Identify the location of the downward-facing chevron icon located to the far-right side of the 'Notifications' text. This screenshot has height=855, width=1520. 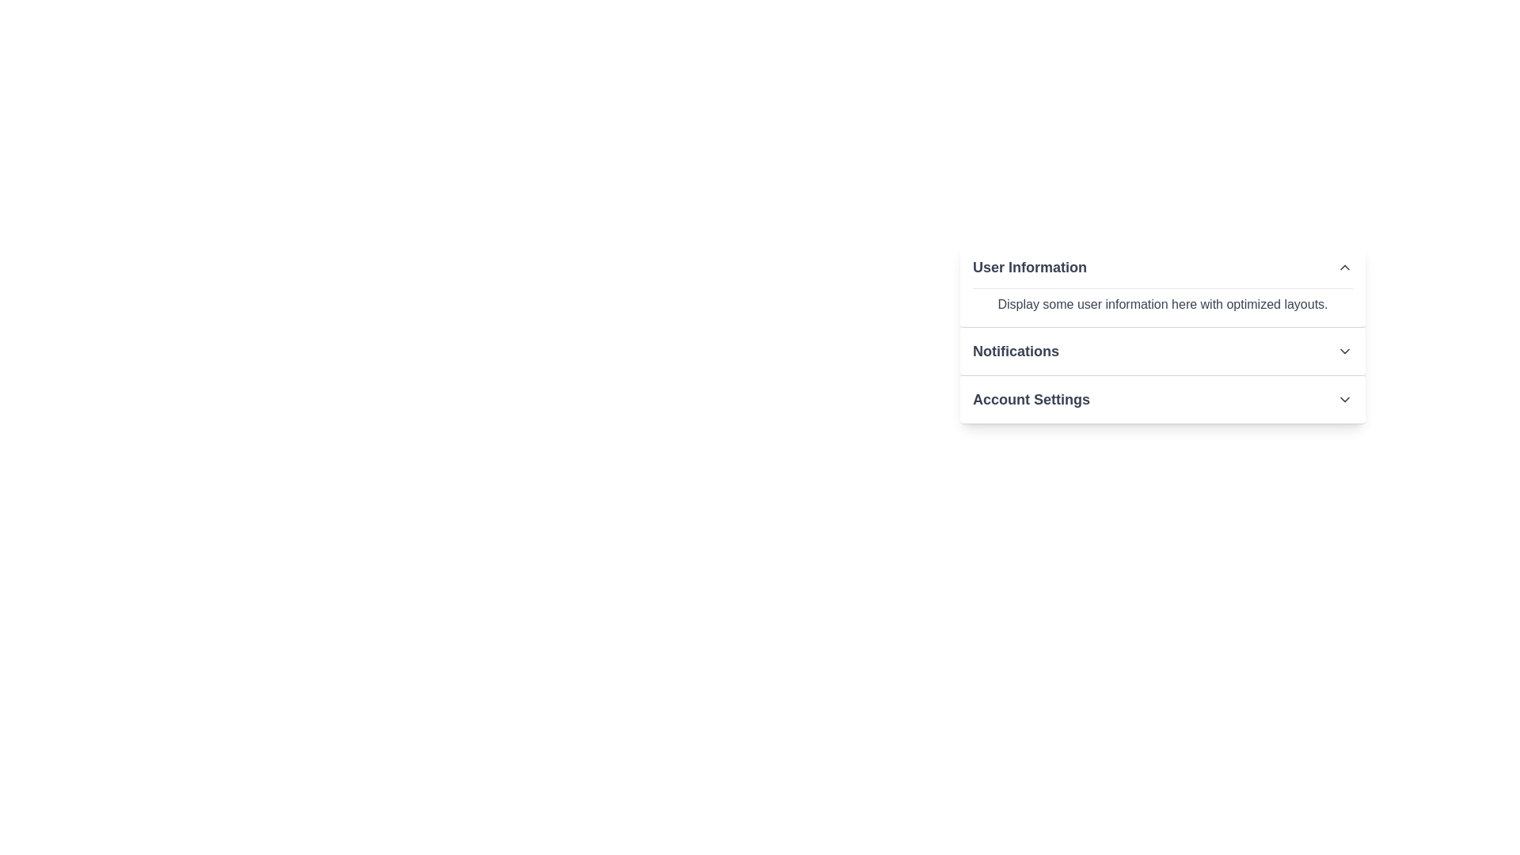
(1344, 350).